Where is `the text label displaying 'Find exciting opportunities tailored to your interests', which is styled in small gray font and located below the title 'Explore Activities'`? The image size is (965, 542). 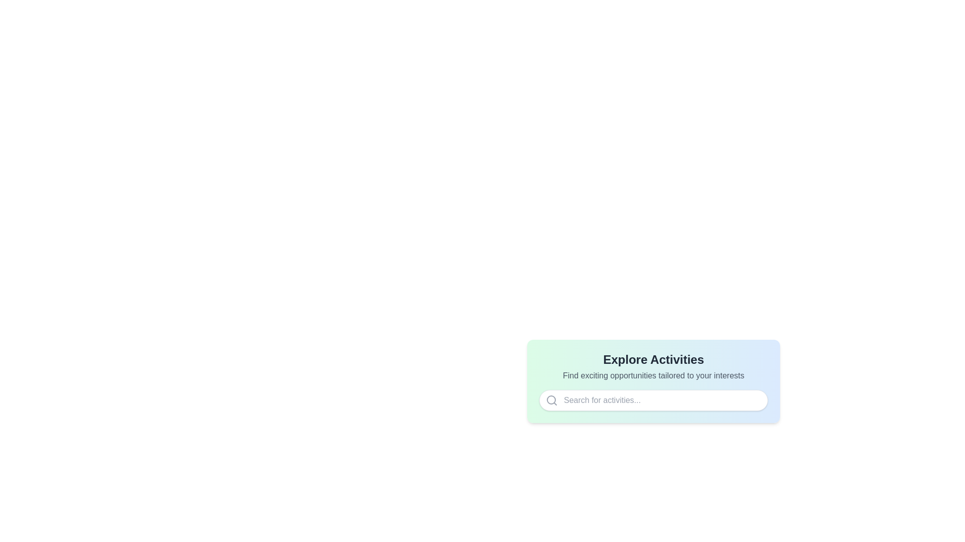 the text label displaying 'Find exciting opportunities tailored to your interests', which is styled in small gray font and located below the title 'Explore Activities' is located at coordinates (653, 375).